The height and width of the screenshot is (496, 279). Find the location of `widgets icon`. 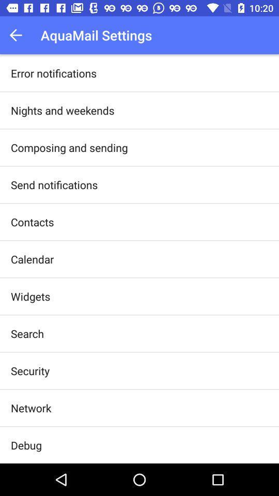

widgets icon is located at coordinates (30, 296).